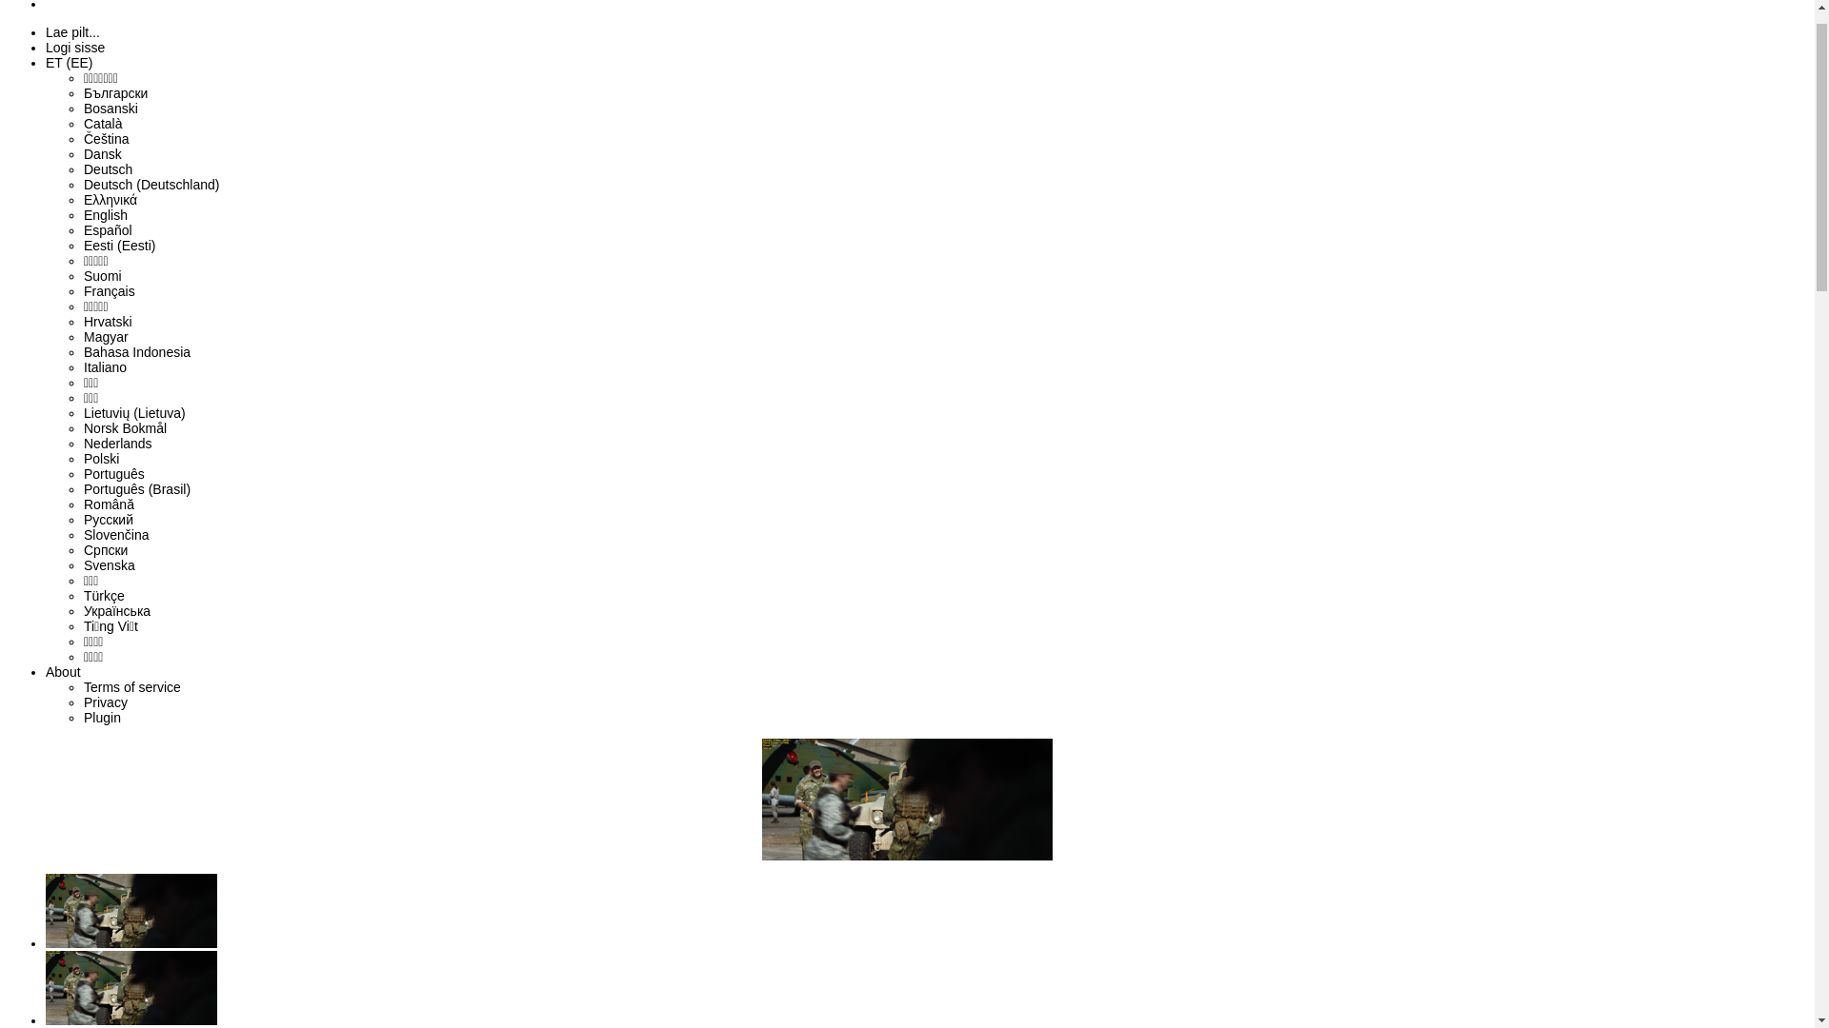 This screenshot has height=1028, width=1829. What do you see at coordinates (100, 498) in the screenshot?
I see `'Polski'` at bounding box center [100, 498].